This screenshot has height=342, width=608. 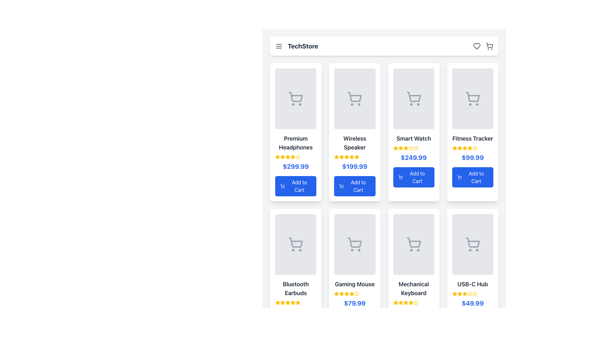 I want to click on the first star icon in the rating indicator for the product 'Smart Watch', located in the second row of the third column, so click(x=395, y=148).